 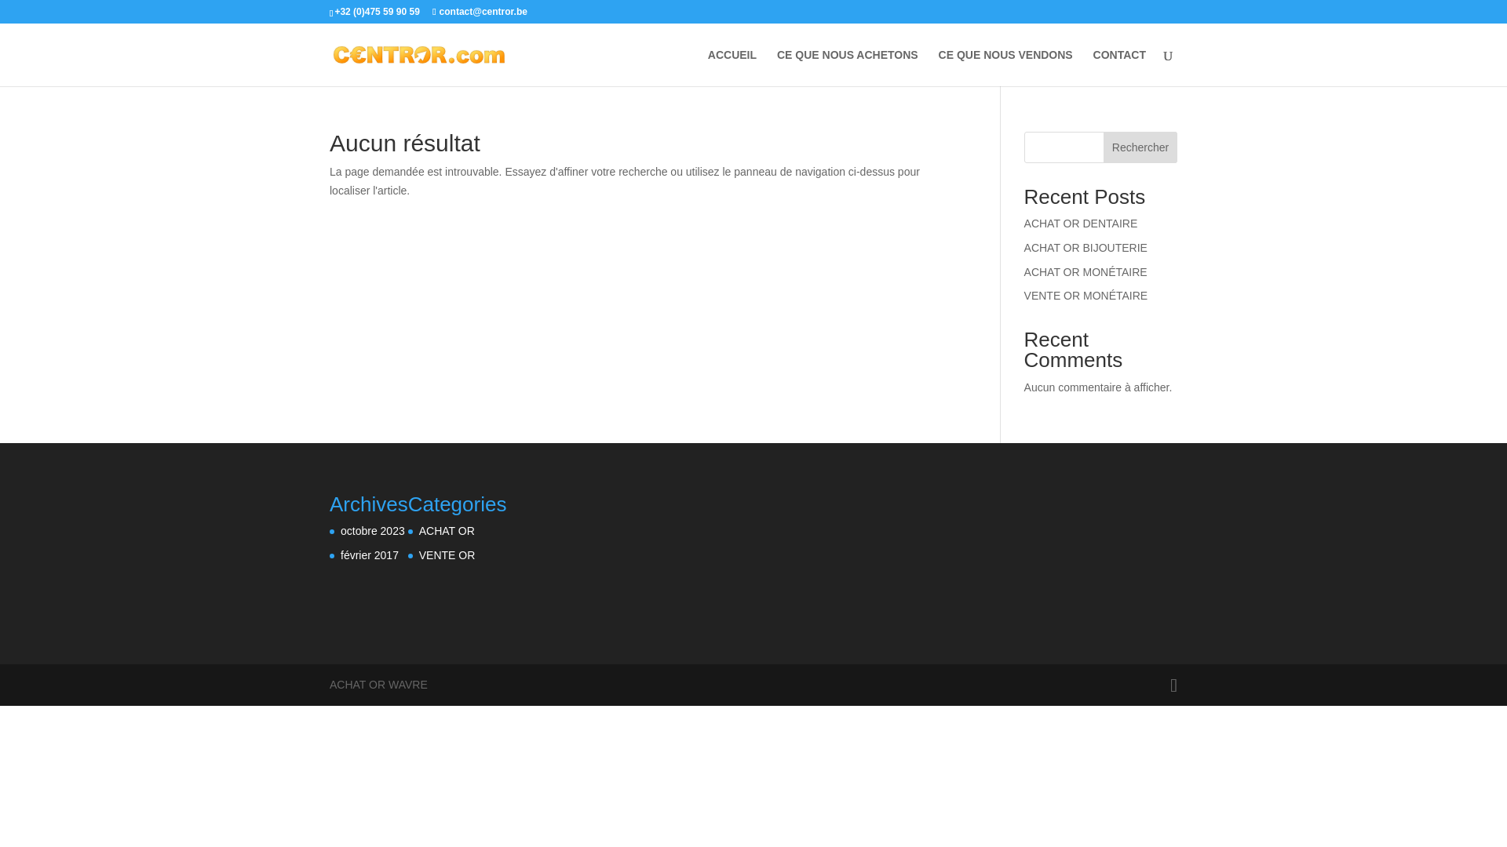 I want to click on 'CE QUE NOUS ACHETONS', so click(x=847, y=67).